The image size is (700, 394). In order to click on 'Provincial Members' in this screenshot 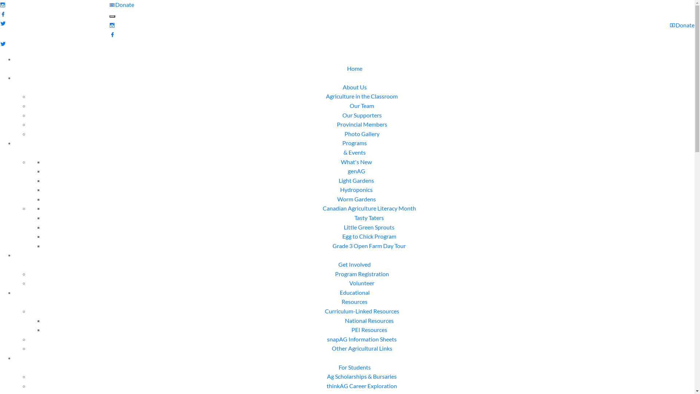, I will do `click(362, 124)`.